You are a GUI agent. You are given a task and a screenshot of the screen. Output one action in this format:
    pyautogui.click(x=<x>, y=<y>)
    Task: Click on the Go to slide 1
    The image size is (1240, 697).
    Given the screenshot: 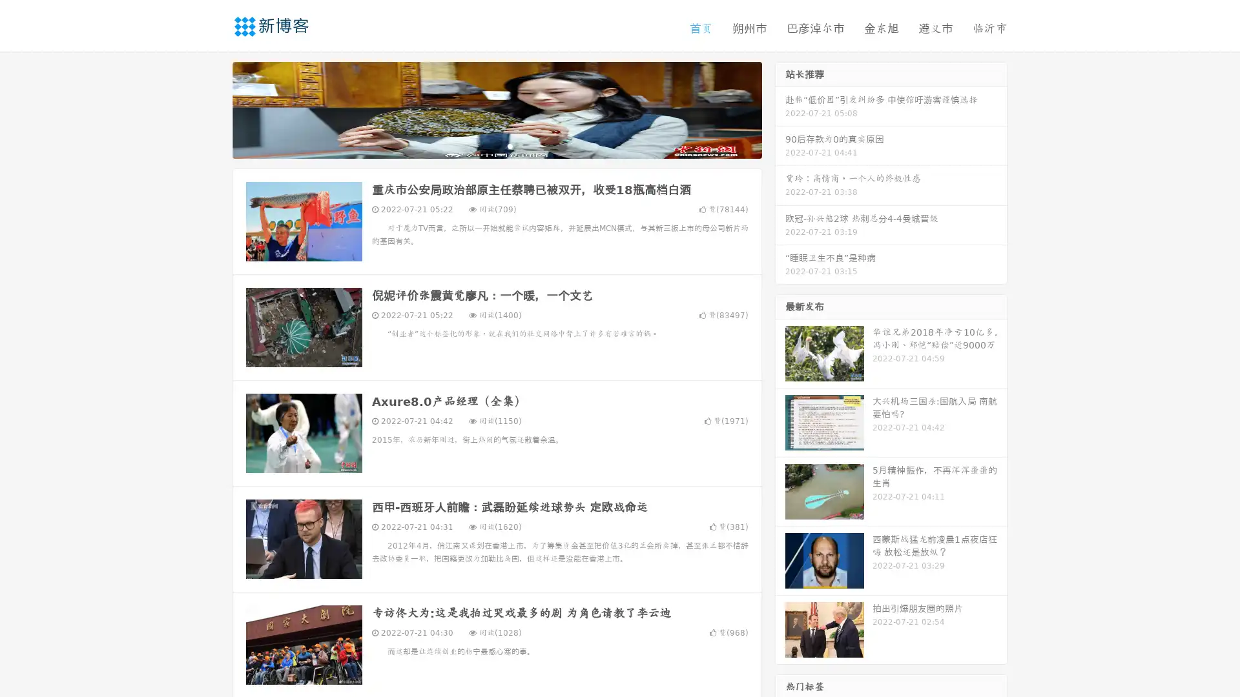 What is the action you would take?
    pyautogui.click(x=483, y=145)
    